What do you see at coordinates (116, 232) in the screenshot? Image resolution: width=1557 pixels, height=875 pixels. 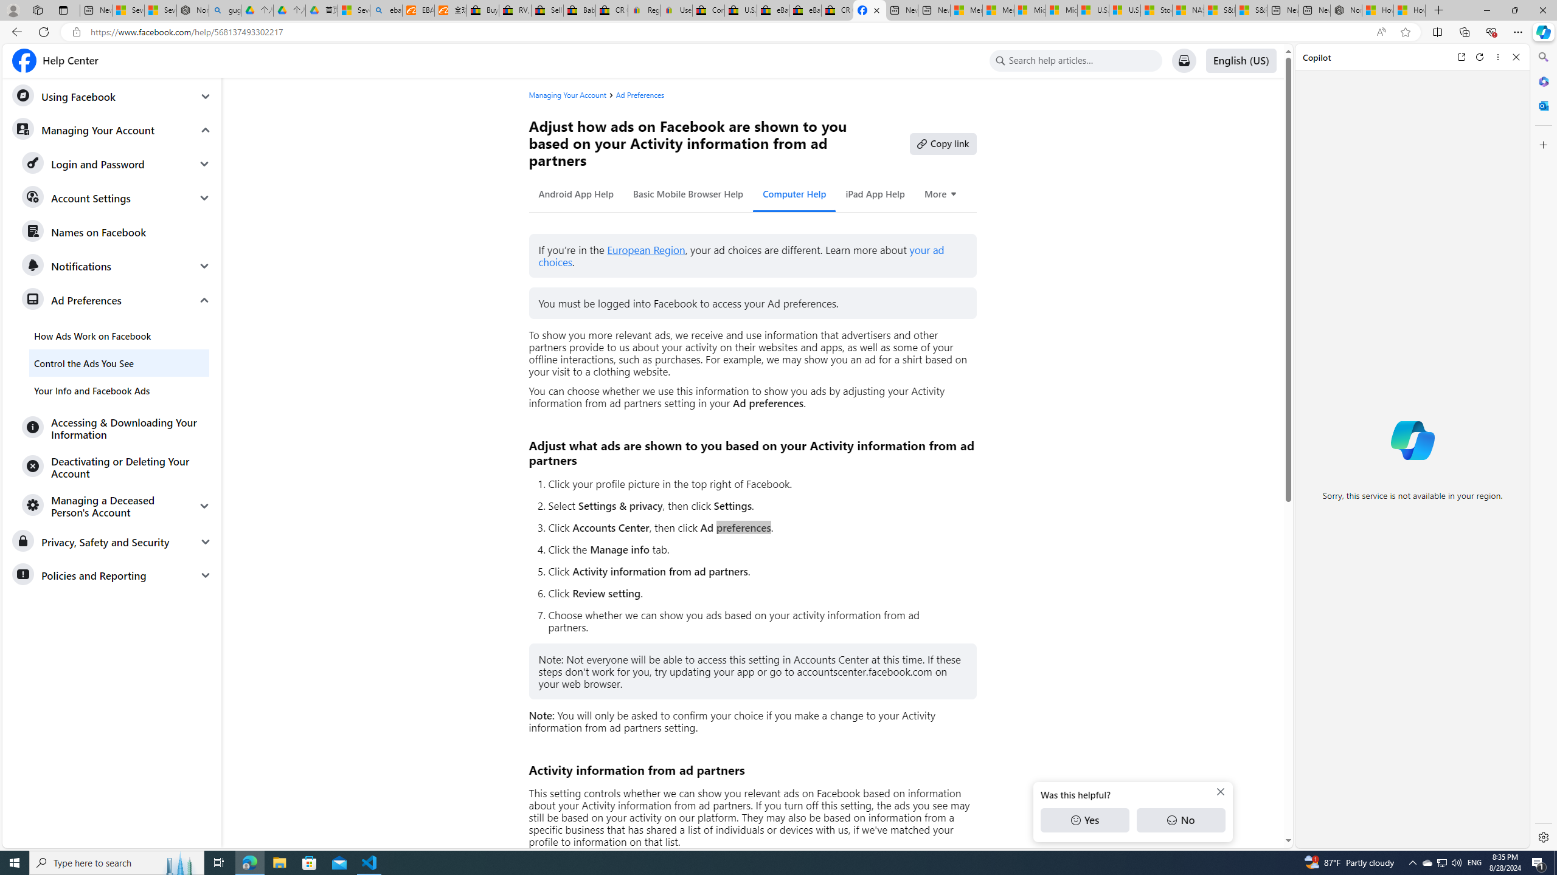 I see `'Names on Facebook'` at bounding box center [116, 232].